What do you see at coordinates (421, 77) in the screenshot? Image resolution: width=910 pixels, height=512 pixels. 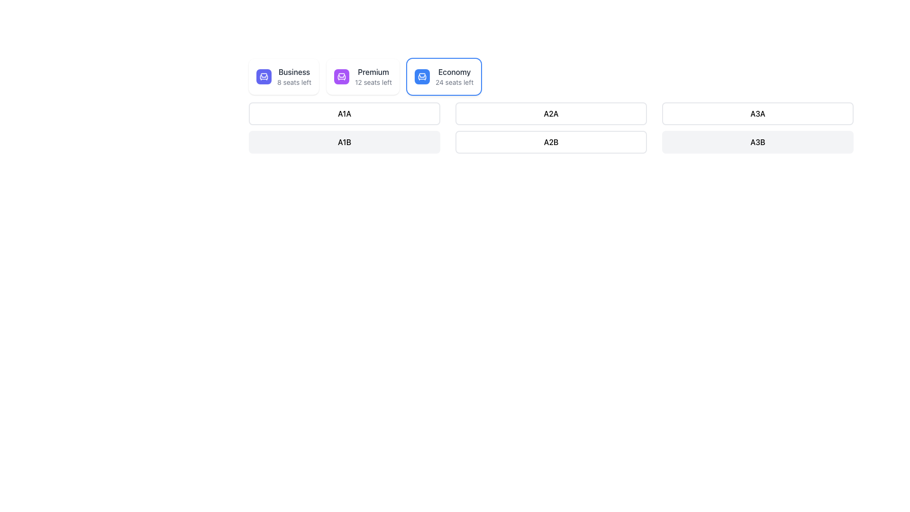 I see `the context of the Decorative SVG graphic component resembling a chair, which is the middle-bottom segment of a multi-part icon aligned horizontally under the text 'Economy'` at bounding box center [421, 77].